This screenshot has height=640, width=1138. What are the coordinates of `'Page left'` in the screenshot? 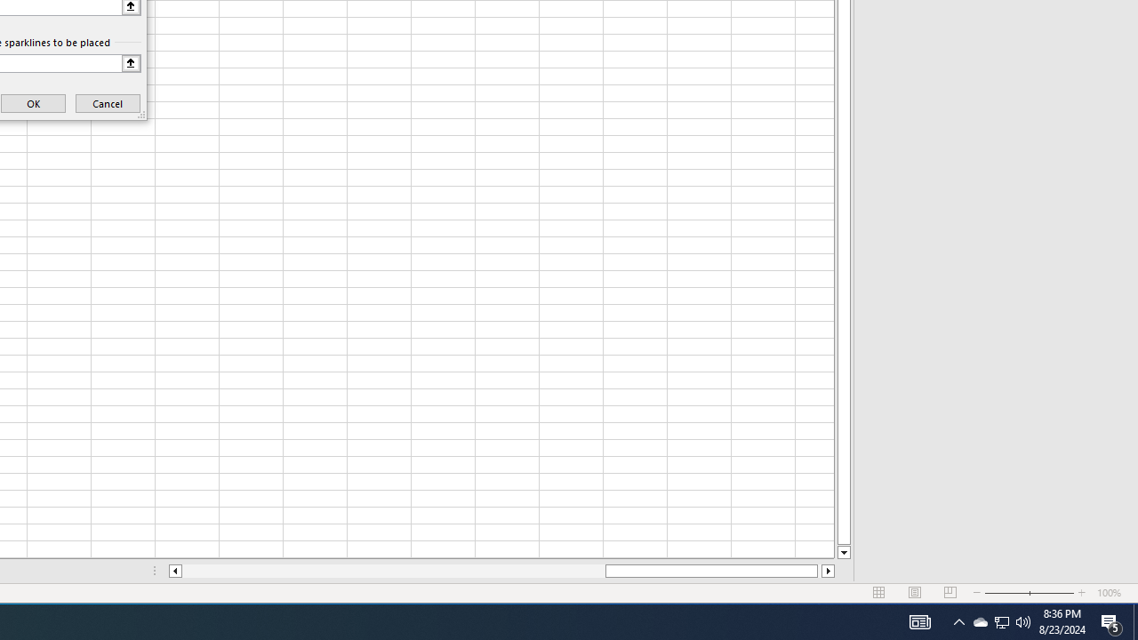 It's located at (392, 571).